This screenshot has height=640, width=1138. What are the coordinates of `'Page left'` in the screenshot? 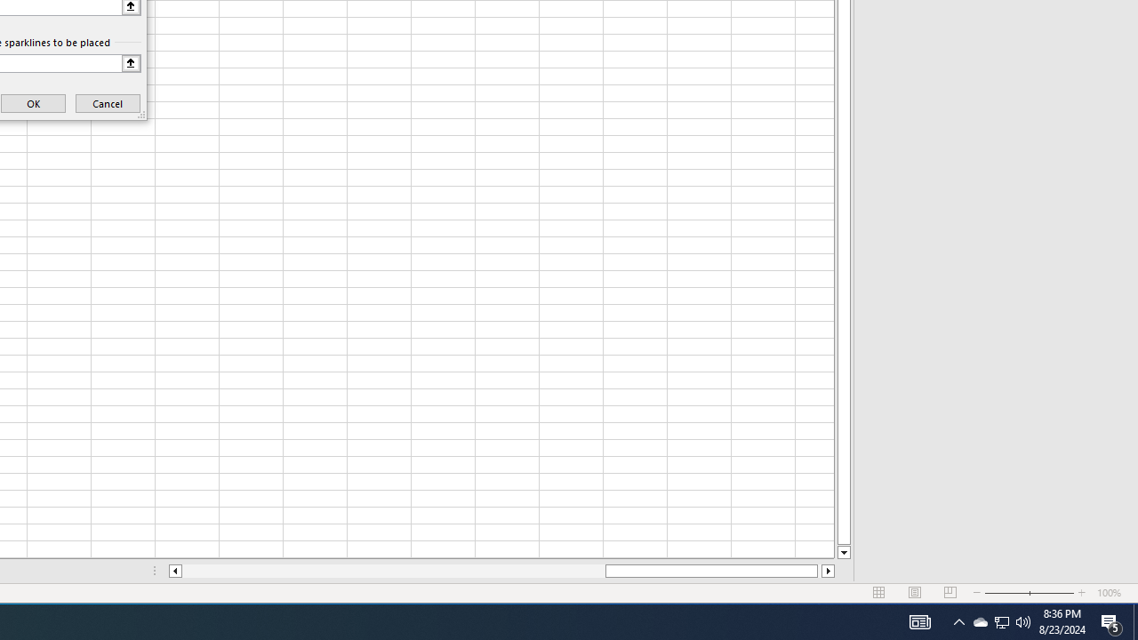 It's located at (392, 571).